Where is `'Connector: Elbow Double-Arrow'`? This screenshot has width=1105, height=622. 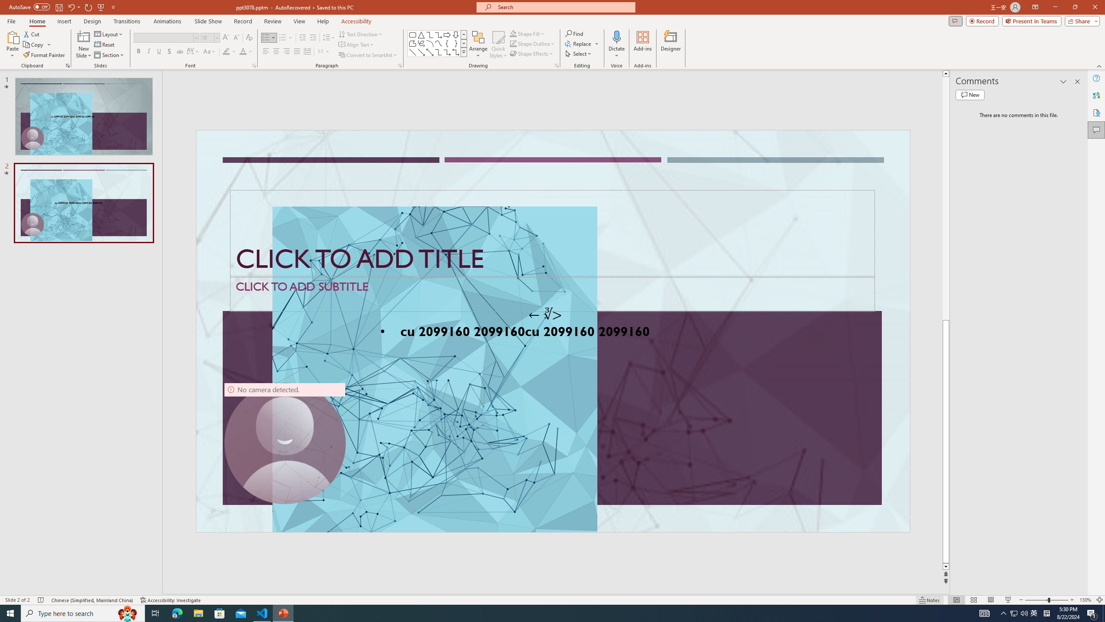 'Connector: Elbow Double-Arrow' is located at coordinates (455, 51).